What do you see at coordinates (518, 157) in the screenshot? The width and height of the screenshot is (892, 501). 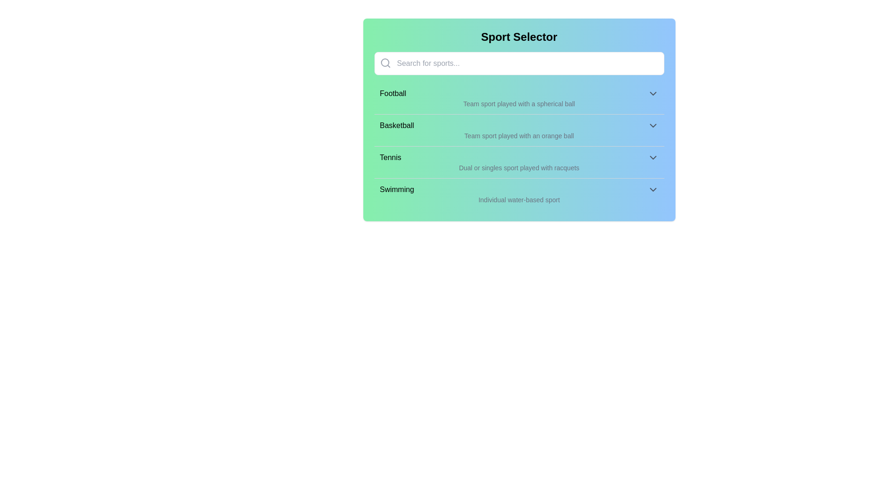 I see `the third option row for the 'Tennis' sport category` at bounding box center [518, 157].